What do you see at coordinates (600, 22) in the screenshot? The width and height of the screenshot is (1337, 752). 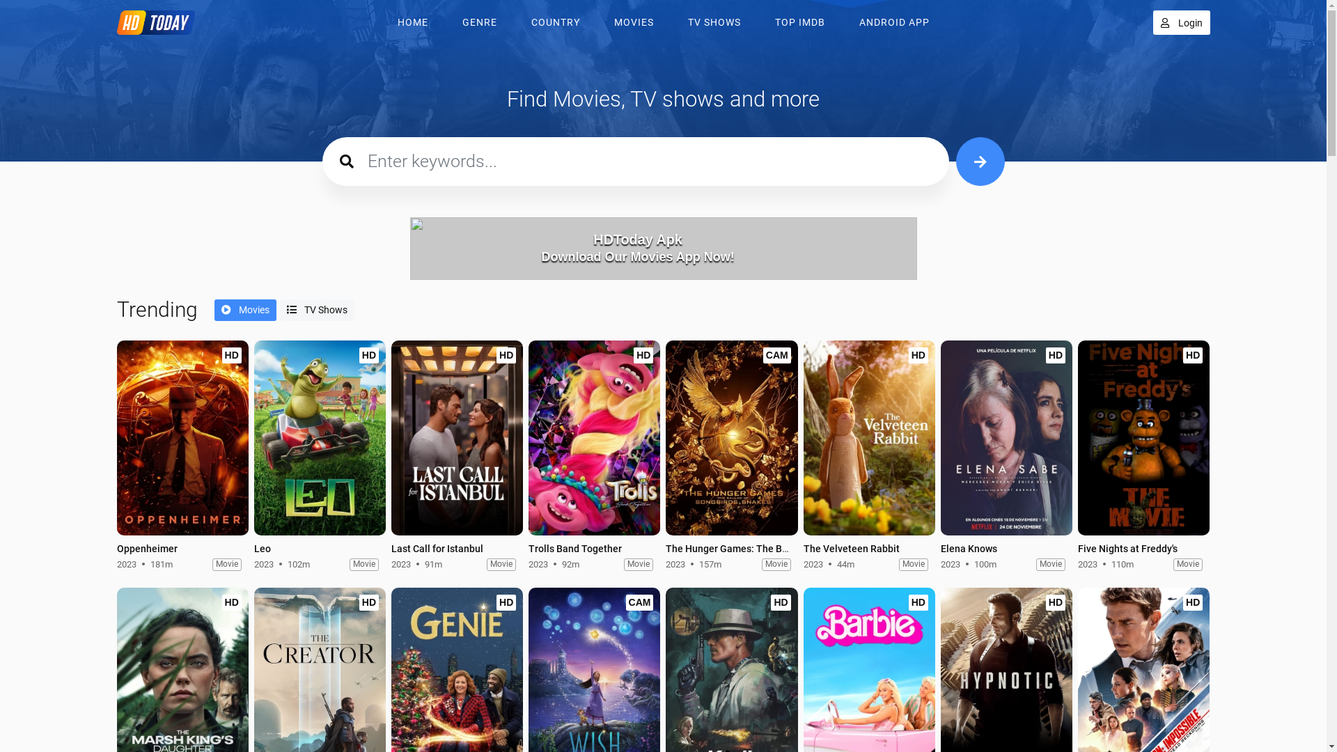 I see `'MOVIES'` at bounding box center [600, 22].